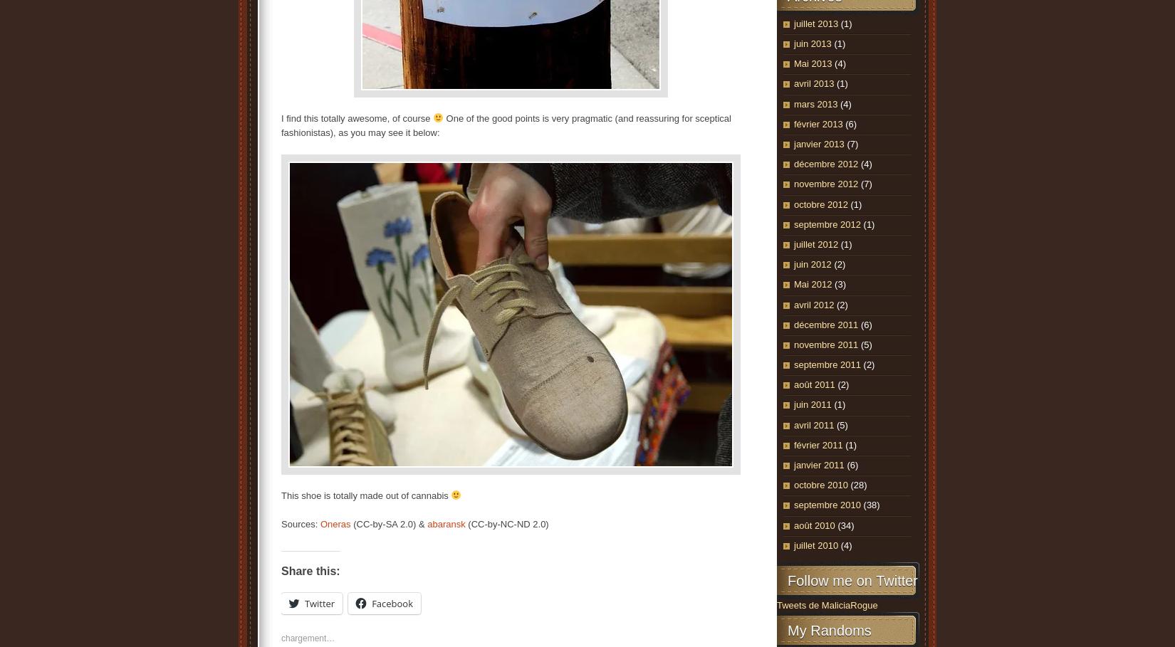 Image resolution: width=1175 pixels, height=647 pixels. What do you see at coordinates (827, 364) in the screenshot?
I see `'septembre 2011'` at bounding box center [827, 364].